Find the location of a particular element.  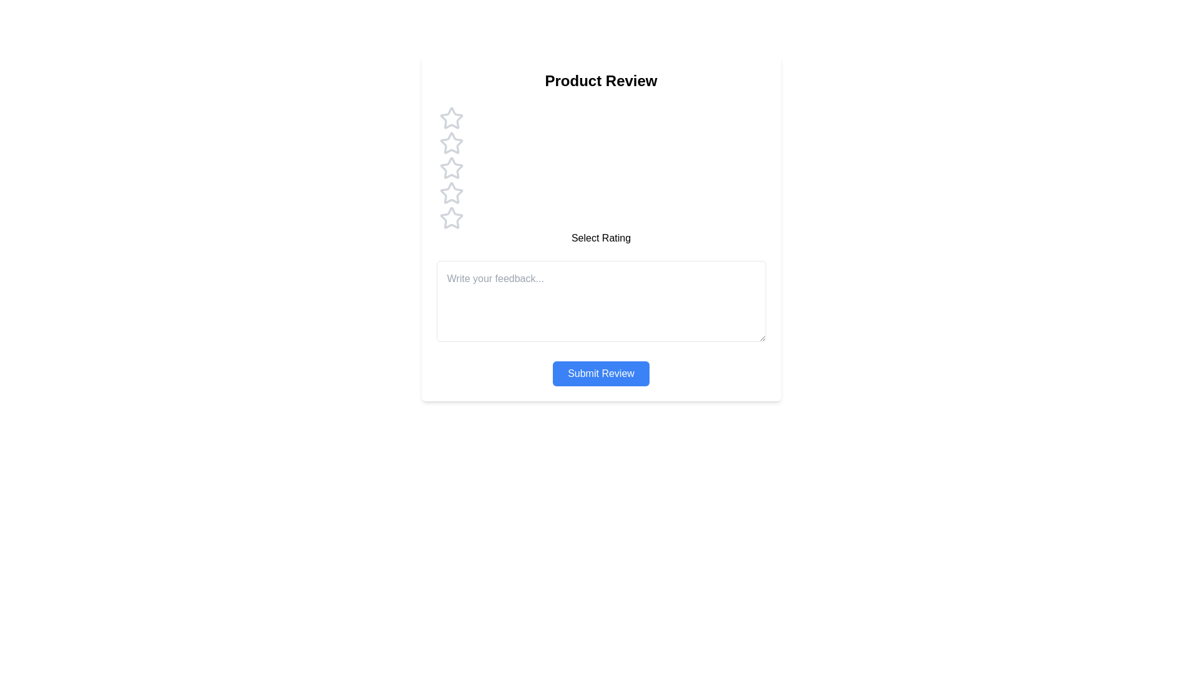

the fourth star in the vertical sequence of five stars is located at coordinates (450, 193).